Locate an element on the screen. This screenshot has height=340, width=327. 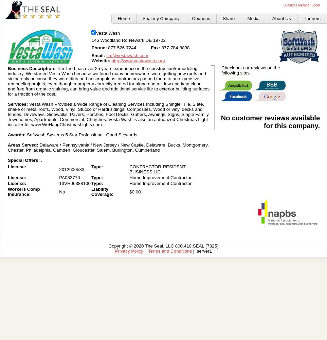
'| 
                server1' is located at coordinates (202, 251).